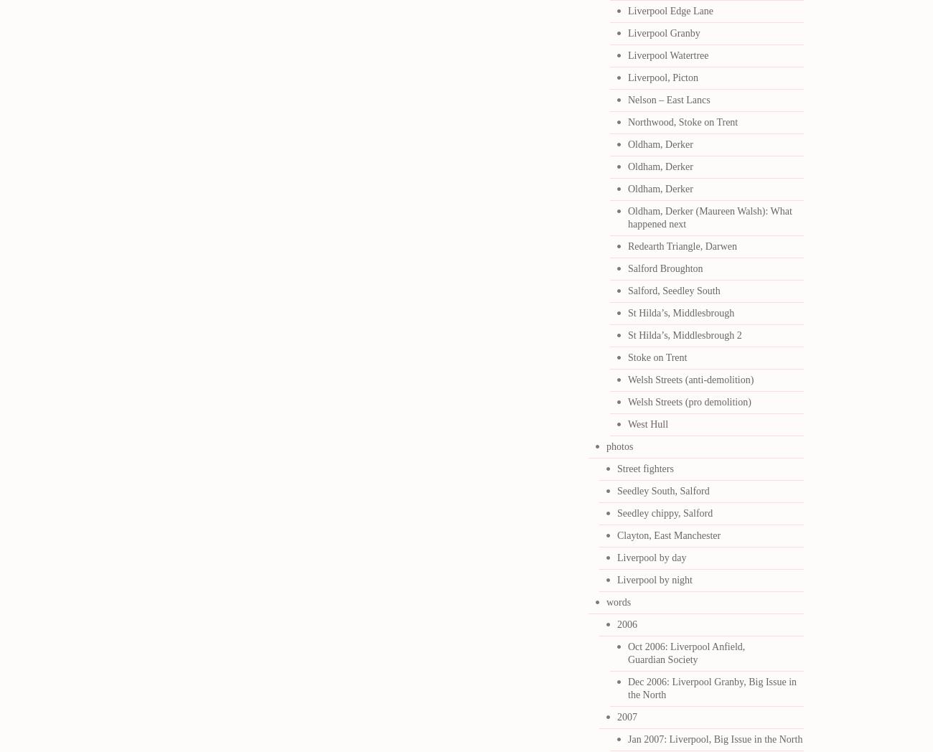 This screenshot has width=933, height=752. I want to click on 'Street fighters', so click(644, 468).